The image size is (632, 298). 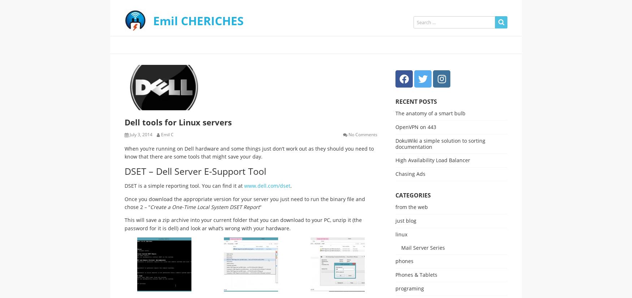 I want to click on 'DSET is a simple reporting tool. You can find it at', so click(x=184, y=186).